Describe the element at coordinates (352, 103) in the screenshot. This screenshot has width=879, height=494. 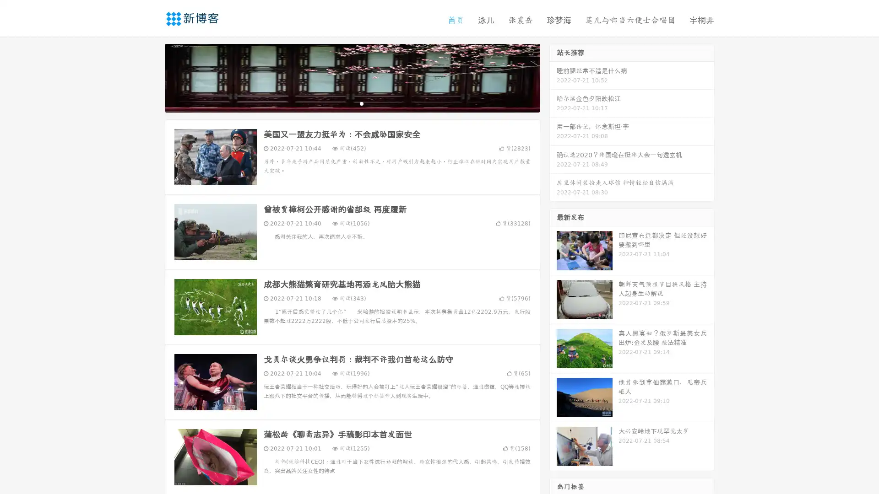
I see `Go to slide 2` at that location.